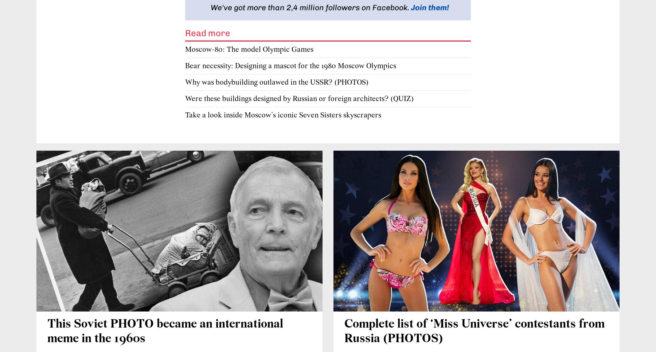 The height and width of the screenshot is (352, 656). What do you see at coordinates (276, 82) in the screenshot?
I see `'Why was bodybuilding outlawed in the USSR? (PHOTOS)'` at bounding box center [276, 82].